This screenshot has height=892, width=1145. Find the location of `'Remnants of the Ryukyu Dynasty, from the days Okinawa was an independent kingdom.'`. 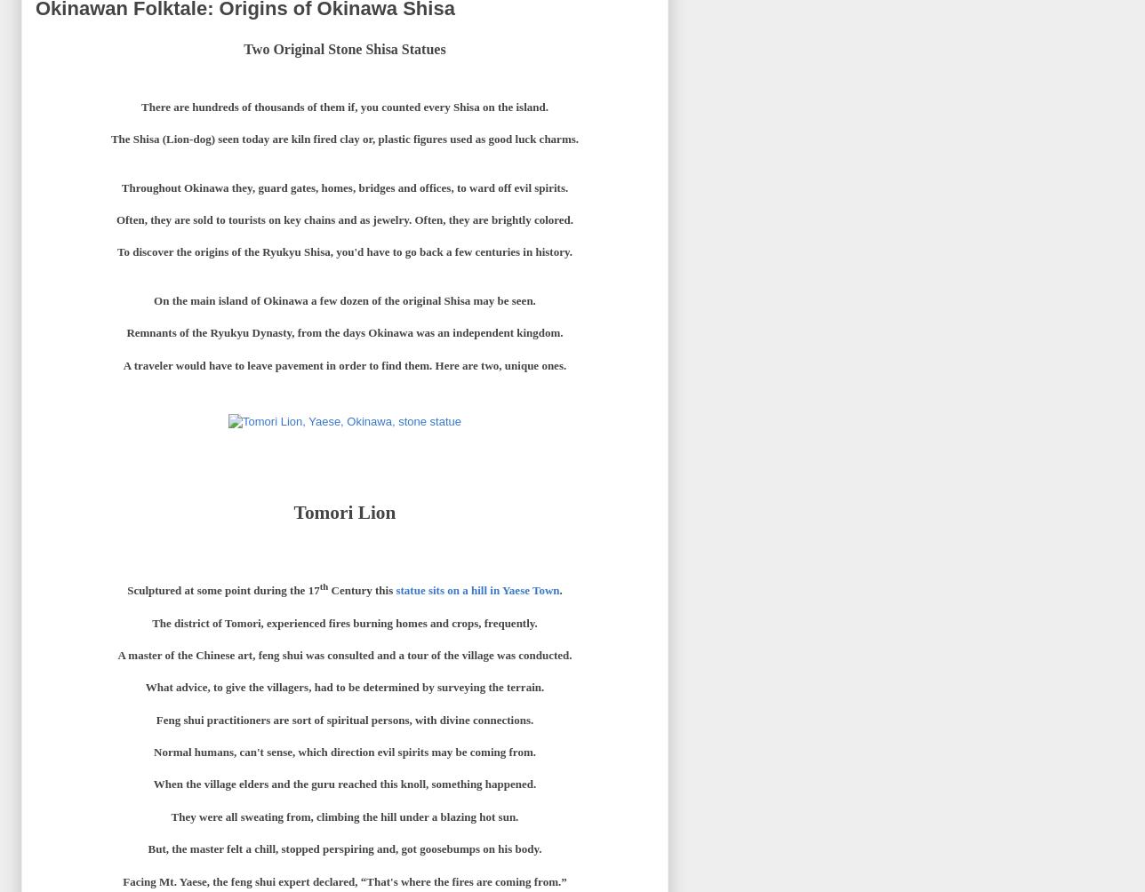

'Remnants of the Ryukyu Dynasty, from the days Okinawa was an independent kingdom.' is located at coordinates (344, 332).